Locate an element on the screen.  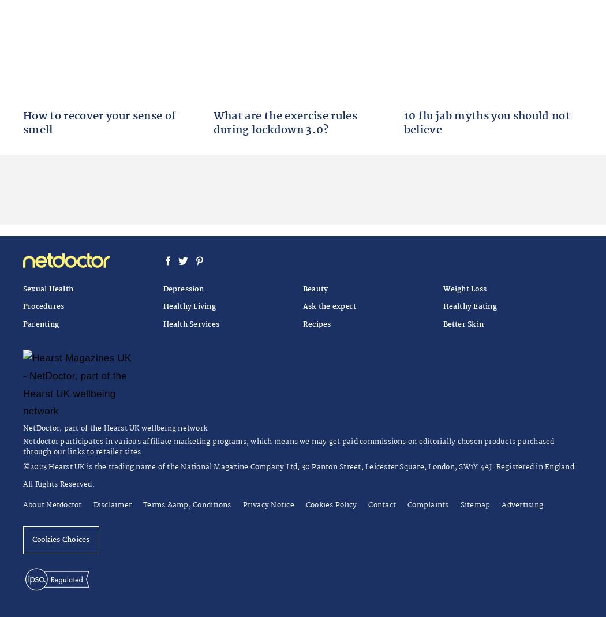
'©2023 Hearst UK is the trading name of the National Magazine Company Ltd, 30 Panton Street, Leicester Square, London, SW1Y 4AJ. Registered in England. All Rights Reserved.' is located at coordinates (299, 475).